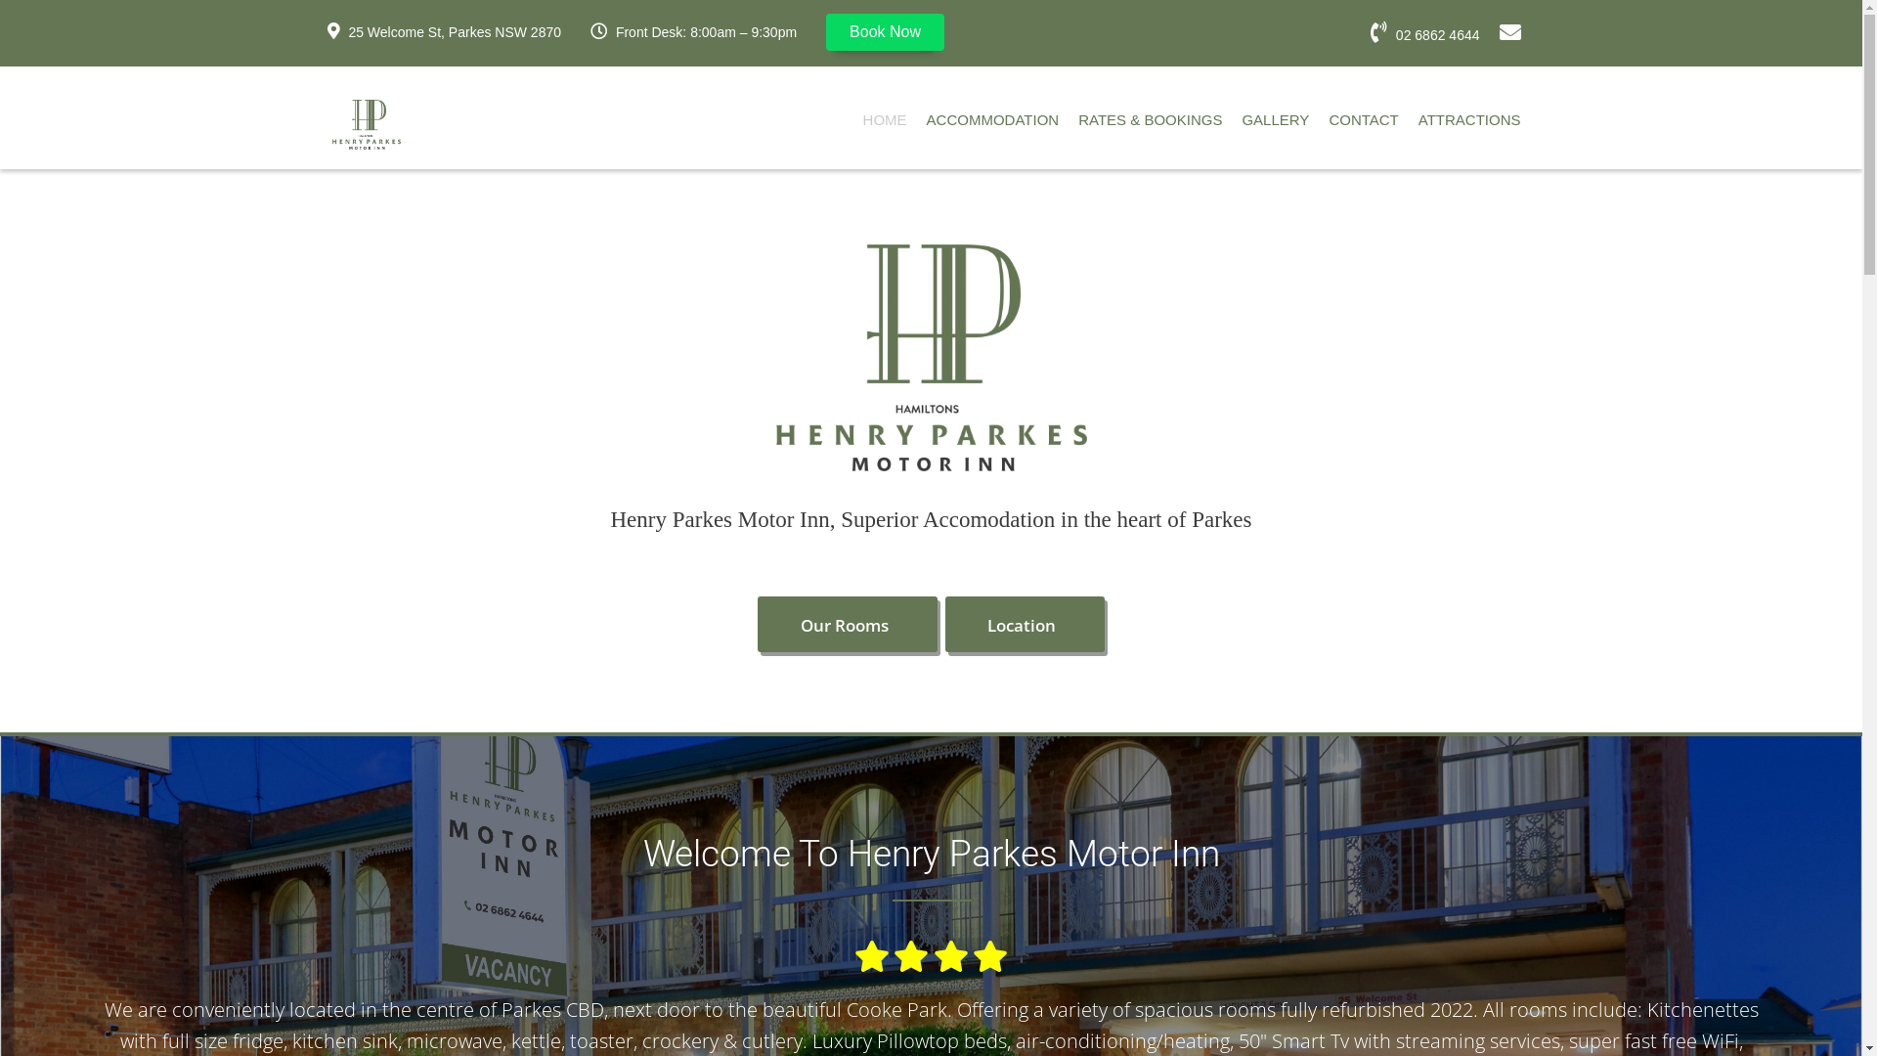  What do you see at coordinates (1150, 123) in the screenshot?
I see `'RATES & BOOKINGS'` at bounding box center [1150, 123].